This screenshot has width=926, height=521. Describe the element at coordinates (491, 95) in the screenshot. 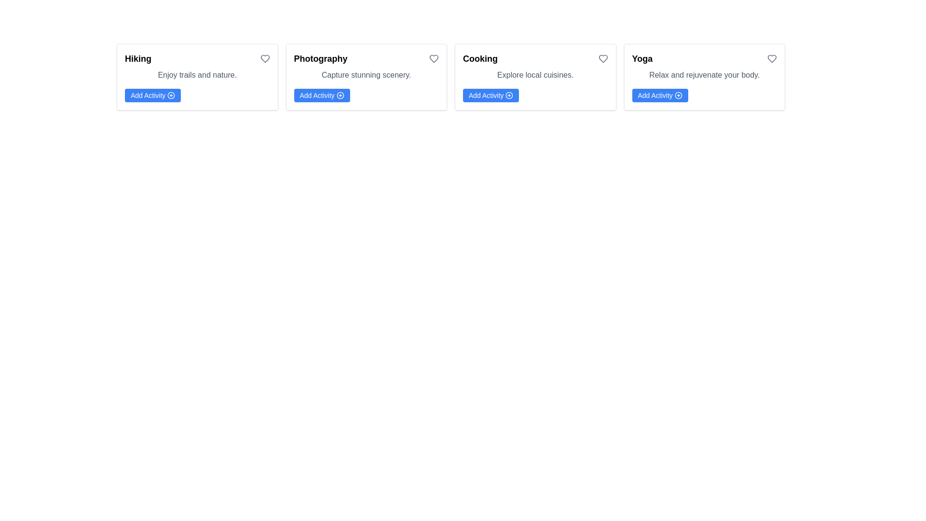

I see `the 'Add Cooking' button located at the bottom of the 'Cooking' card to observe the hover effects` at that location.